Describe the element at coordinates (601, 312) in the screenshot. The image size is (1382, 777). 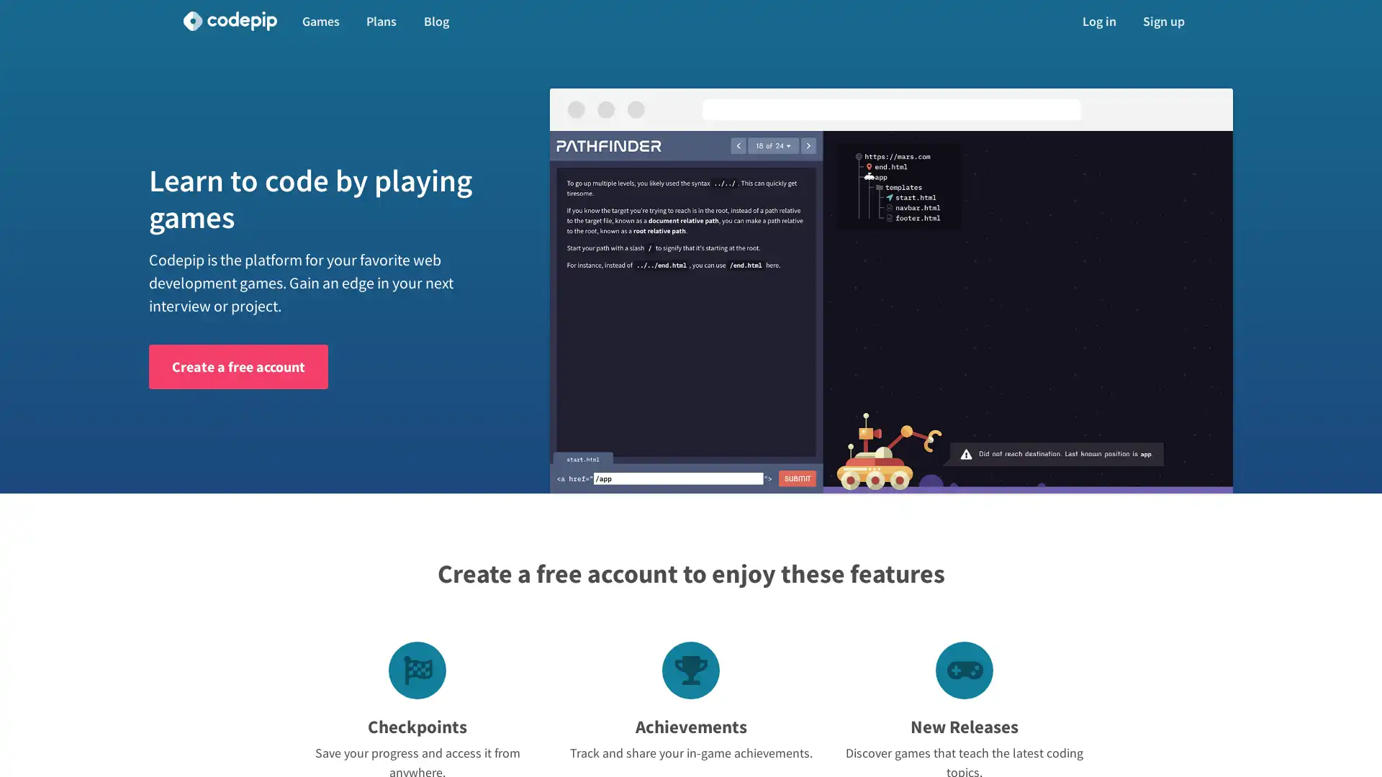
I see `Previous` at that location.